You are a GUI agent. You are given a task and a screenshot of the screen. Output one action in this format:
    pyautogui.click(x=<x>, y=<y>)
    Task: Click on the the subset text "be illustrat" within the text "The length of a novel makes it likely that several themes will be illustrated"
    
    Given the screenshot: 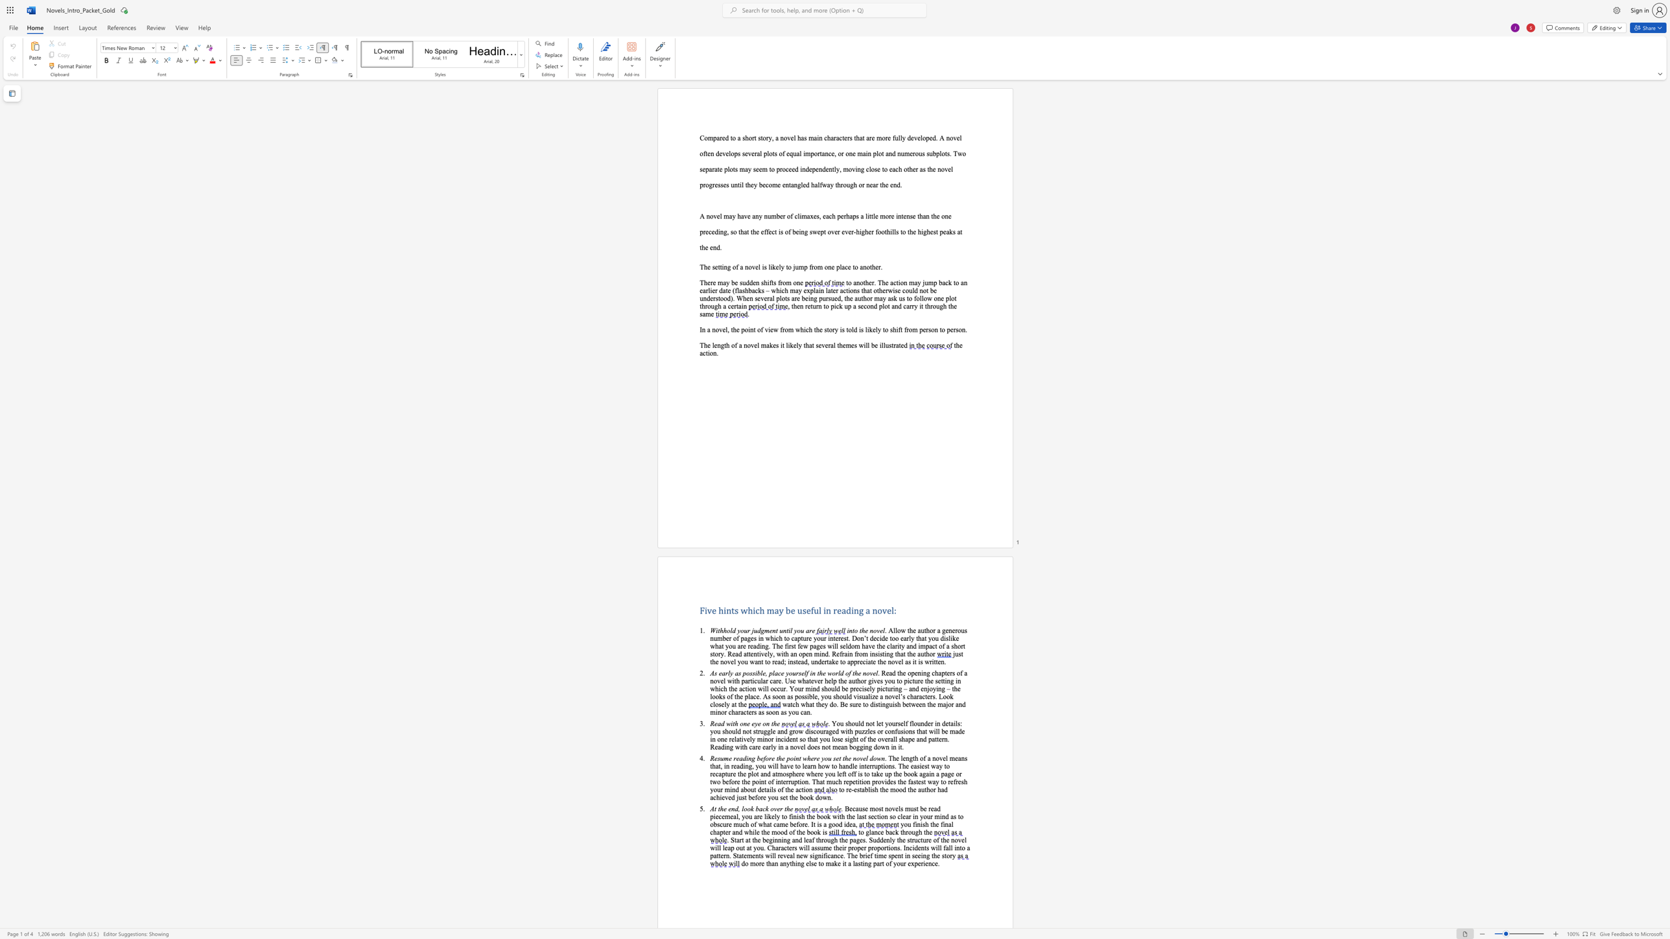 What is the action you would take?
    pyautogui.click(x=870, y=345)
    